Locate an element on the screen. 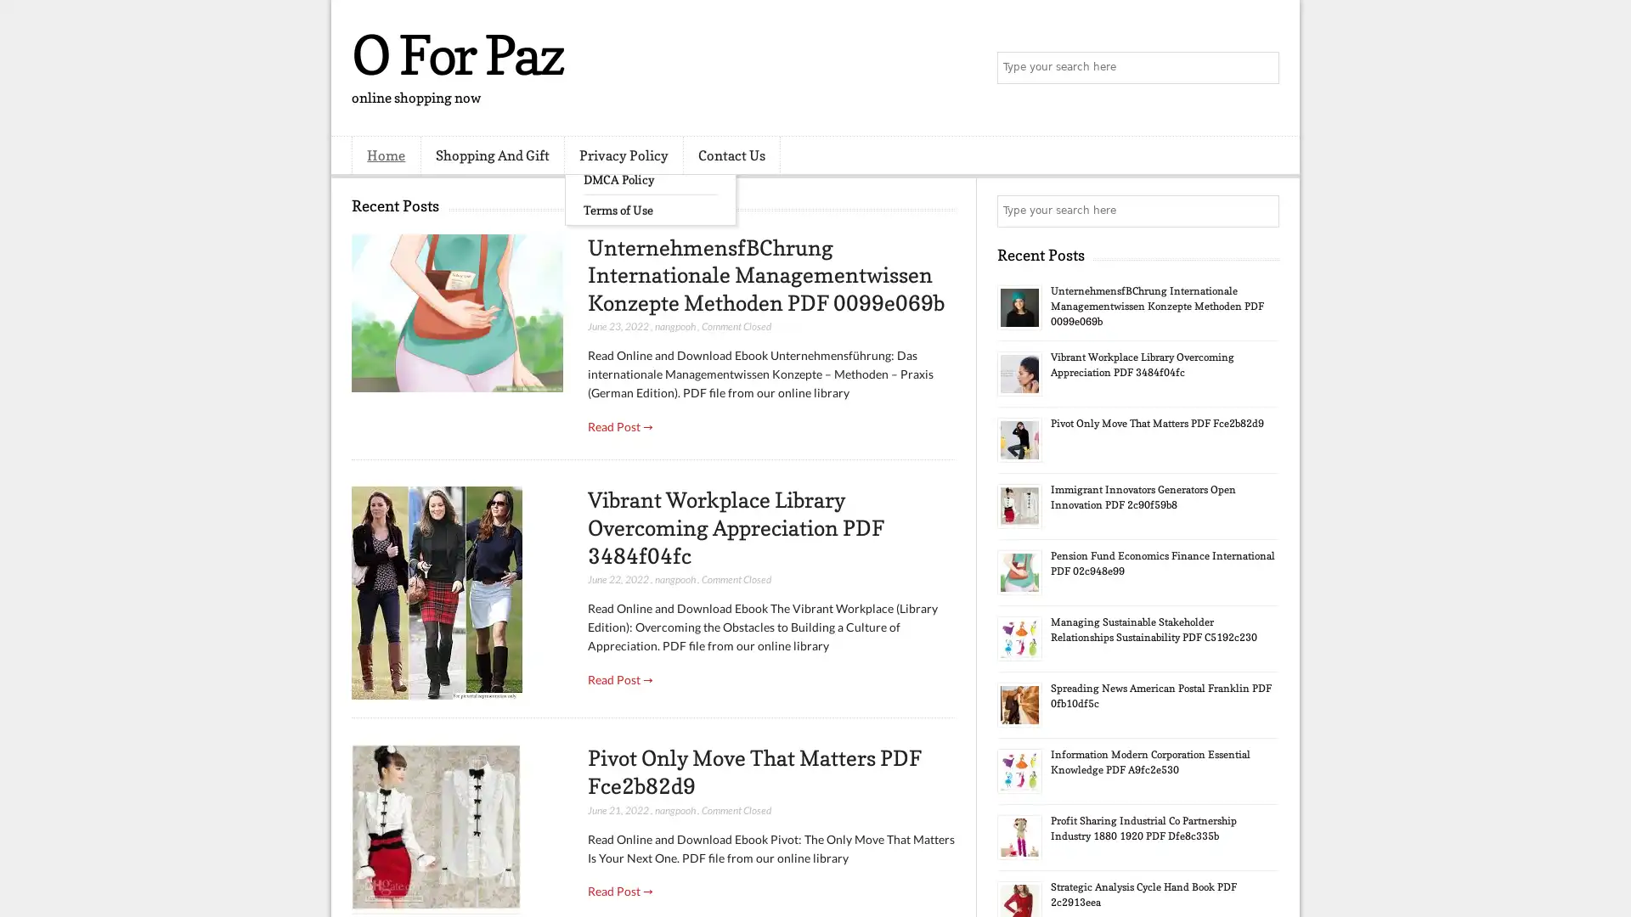 The height and width of the screenshot is (917, 1631). Search is located at coordinates (1261, 211).